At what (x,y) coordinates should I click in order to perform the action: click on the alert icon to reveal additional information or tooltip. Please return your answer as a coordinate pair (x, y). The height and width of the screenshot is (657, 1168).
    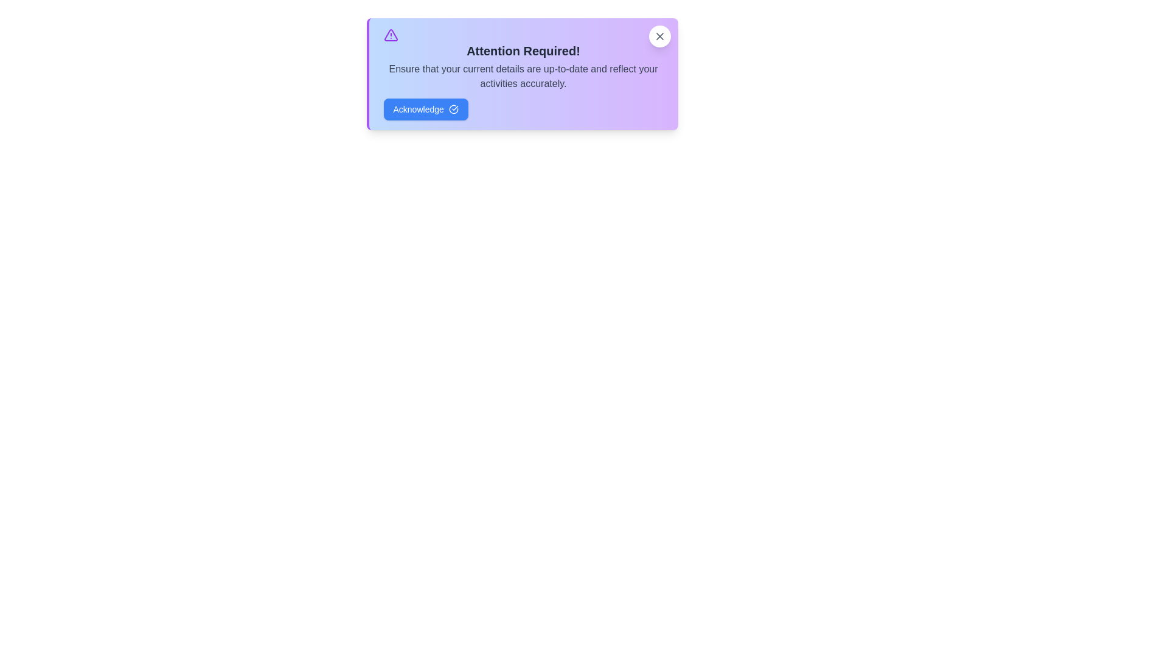
    Looking at the image, I should click on (391, 34).